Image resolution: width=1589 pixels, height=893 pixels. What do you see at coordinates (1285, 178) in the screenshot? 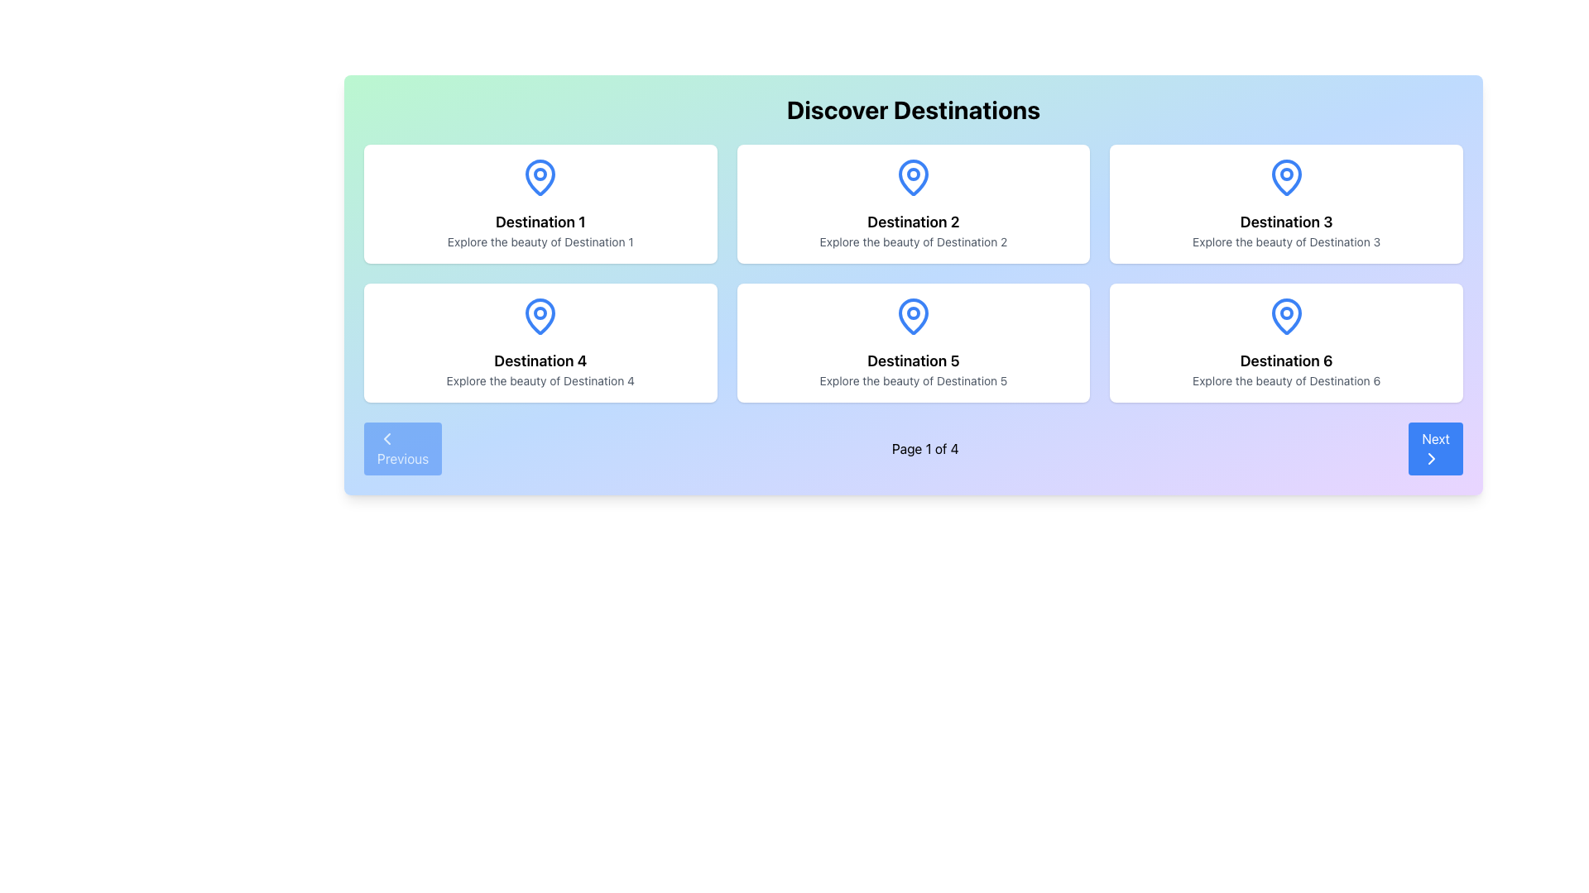
I see `the vector icon representing 'Destination 3' located in the third tile of the 'Discover Destinations' grid layout` at bounding box center [1285, 178].